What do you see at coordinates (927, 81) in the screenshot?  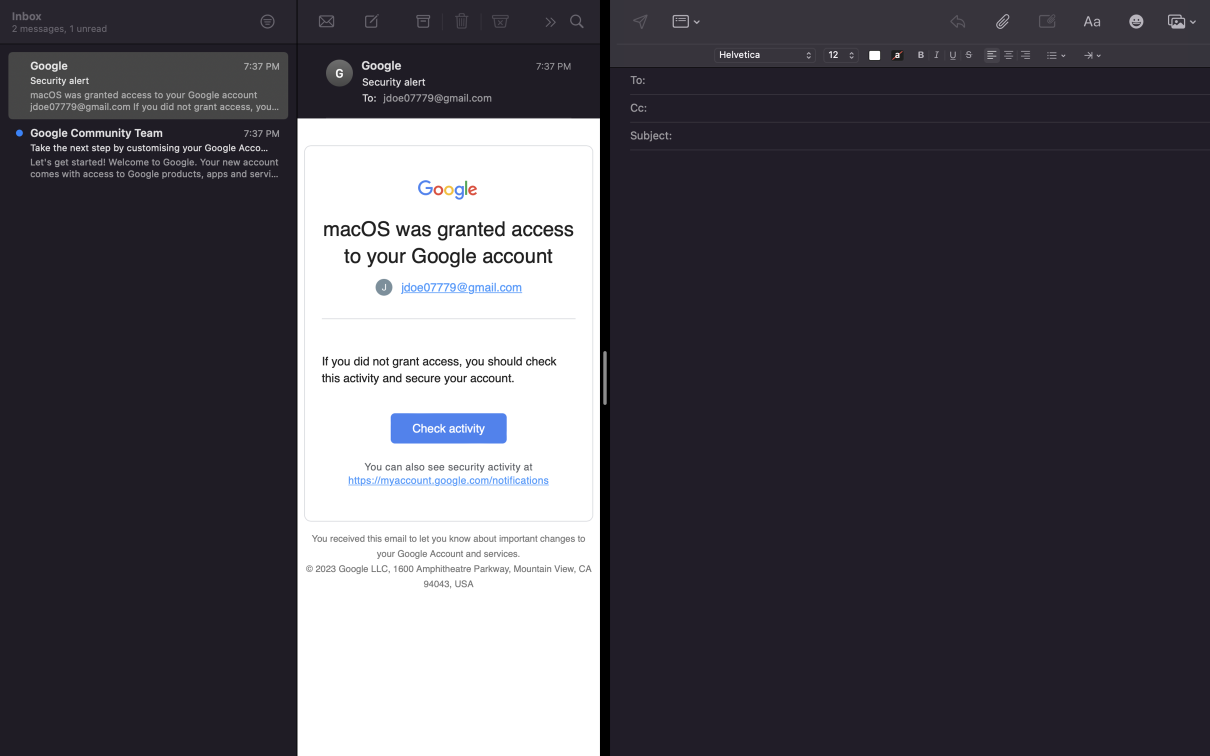 I see `Input "sarah@gmail.com" in the "To" field of the email` at bounding box center [927, 81].